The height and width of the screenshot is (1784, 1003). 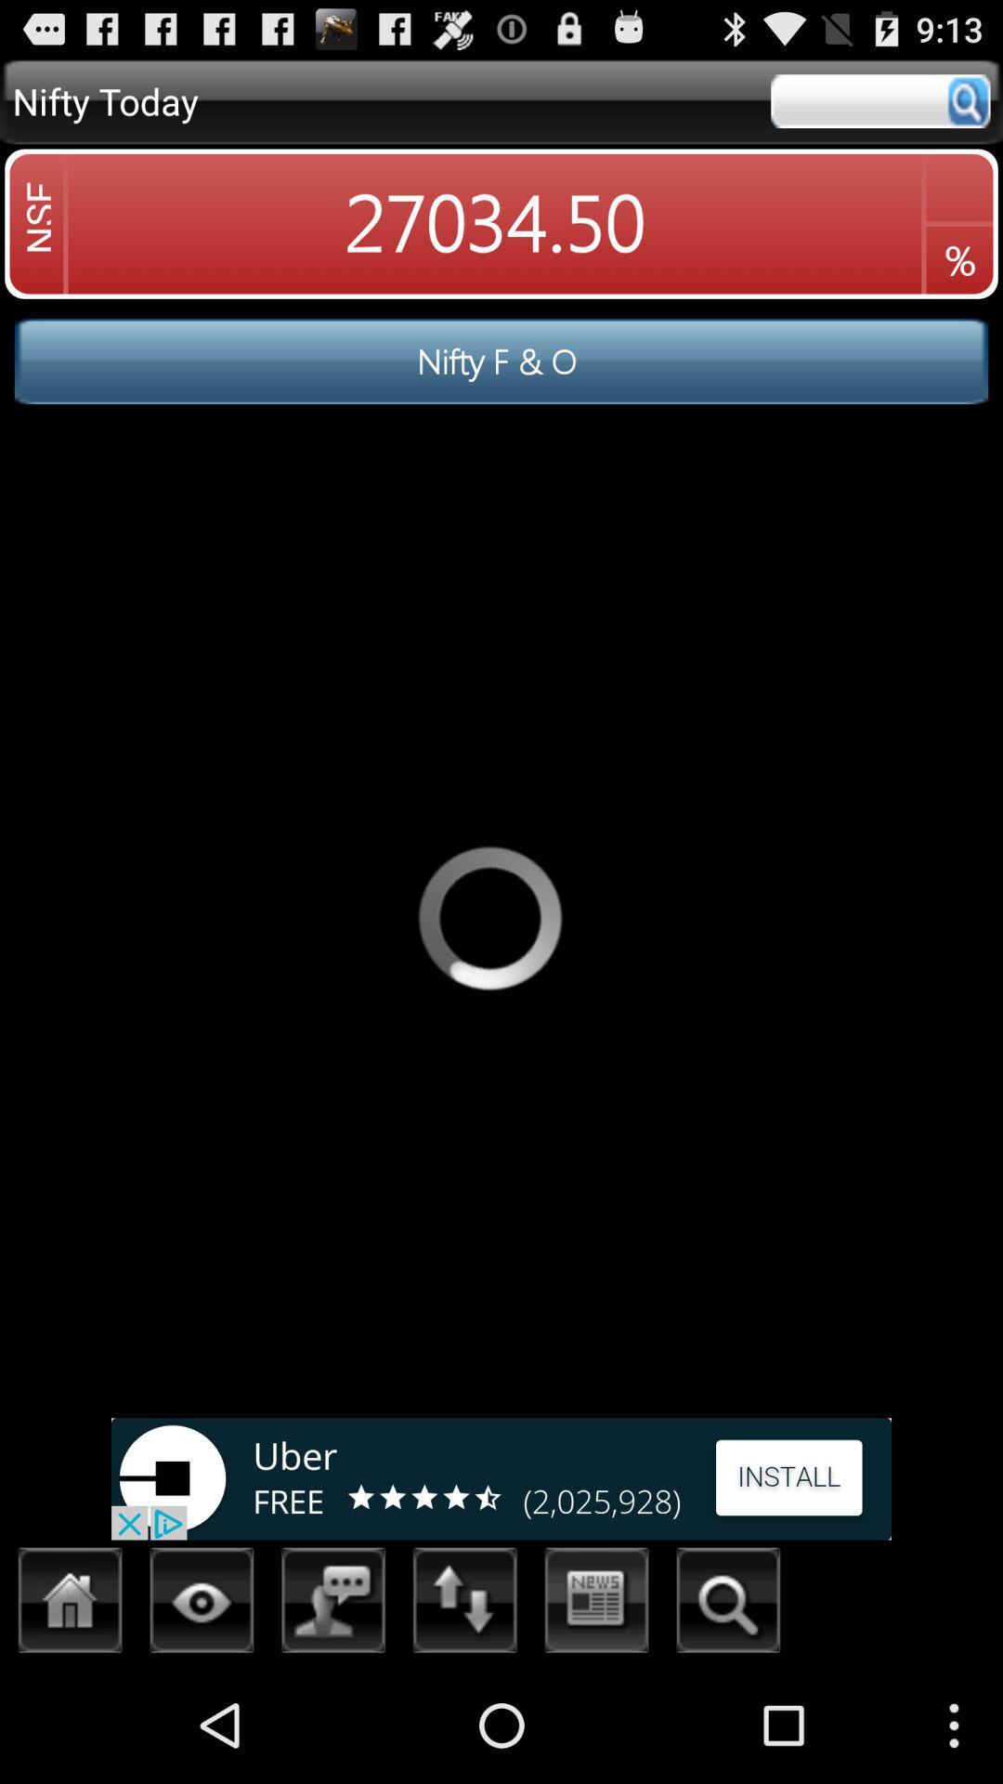 I want to click on the search icon, so click(x=727, y=1717).